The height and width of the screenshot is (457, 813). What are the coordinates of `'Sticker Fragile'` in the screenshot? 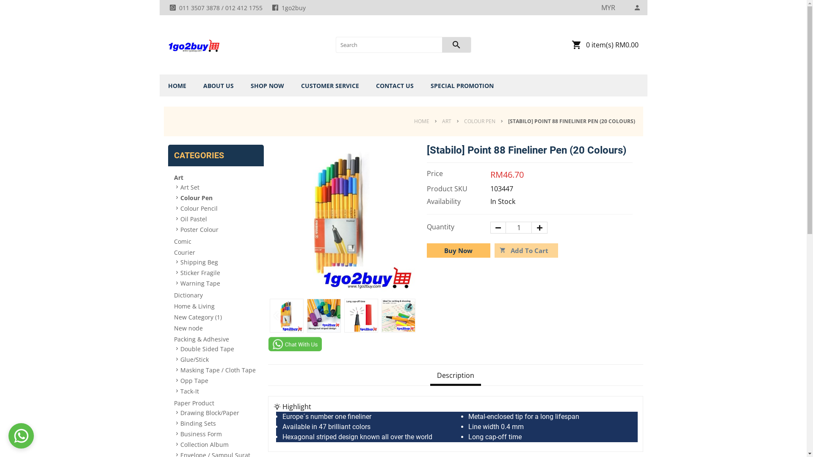 It's located at (219, 273).